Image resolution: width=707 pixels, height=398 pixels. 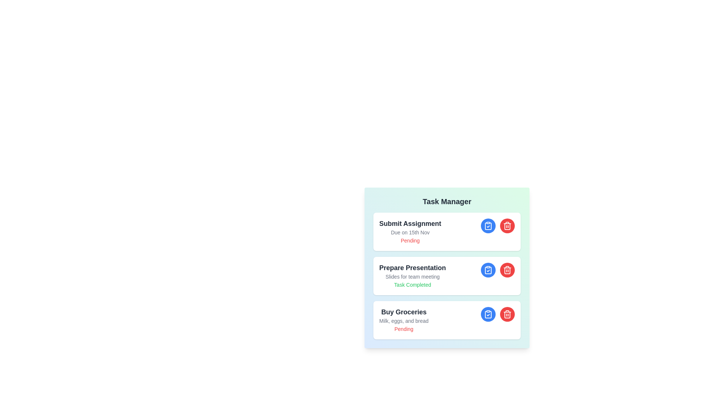 I want to click on delete button for the task titled Buy Groceries, so click(x=507, y=314).